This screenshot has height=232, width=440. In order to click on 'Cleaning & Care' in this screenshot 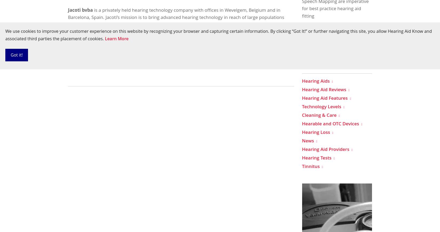, I will do `click(319, 115)`.